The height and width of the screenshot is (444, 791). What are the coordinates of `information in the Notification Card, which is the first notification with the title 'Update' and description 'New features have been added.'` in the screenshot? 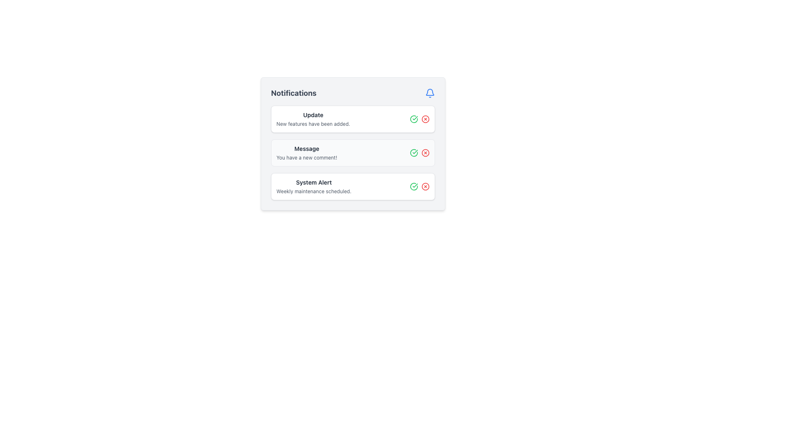 It's located at (353, 119).